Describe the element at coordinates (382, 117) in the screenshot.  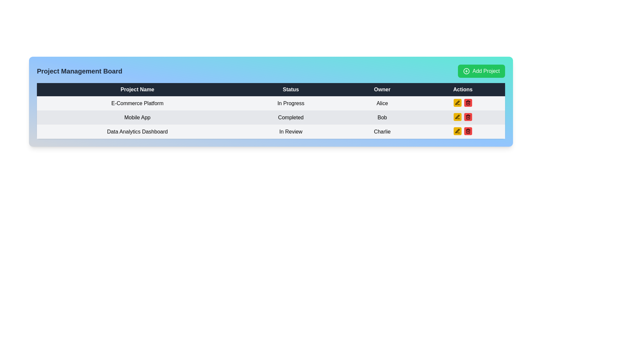
I see `the non-interactive text label displaying the name 'Bob', which is located in the 'Owner' column of the 'Mobile App' row in the table` at that location.